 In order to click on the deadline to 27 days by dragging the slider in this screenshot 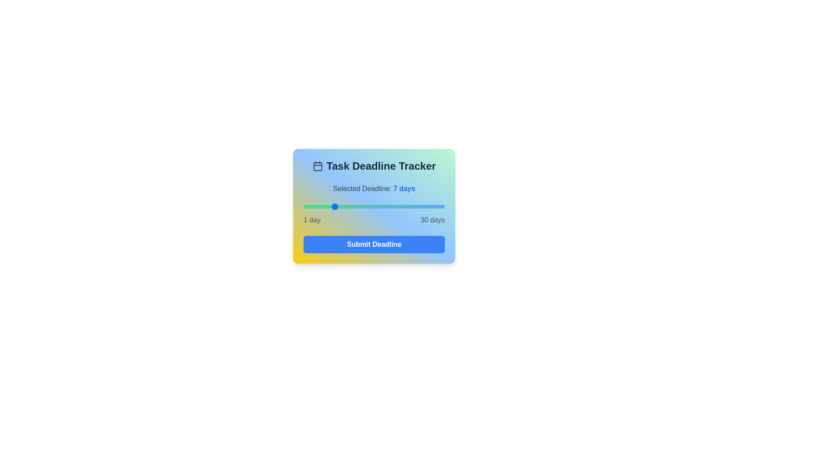, I will do `click(430, 206)`.